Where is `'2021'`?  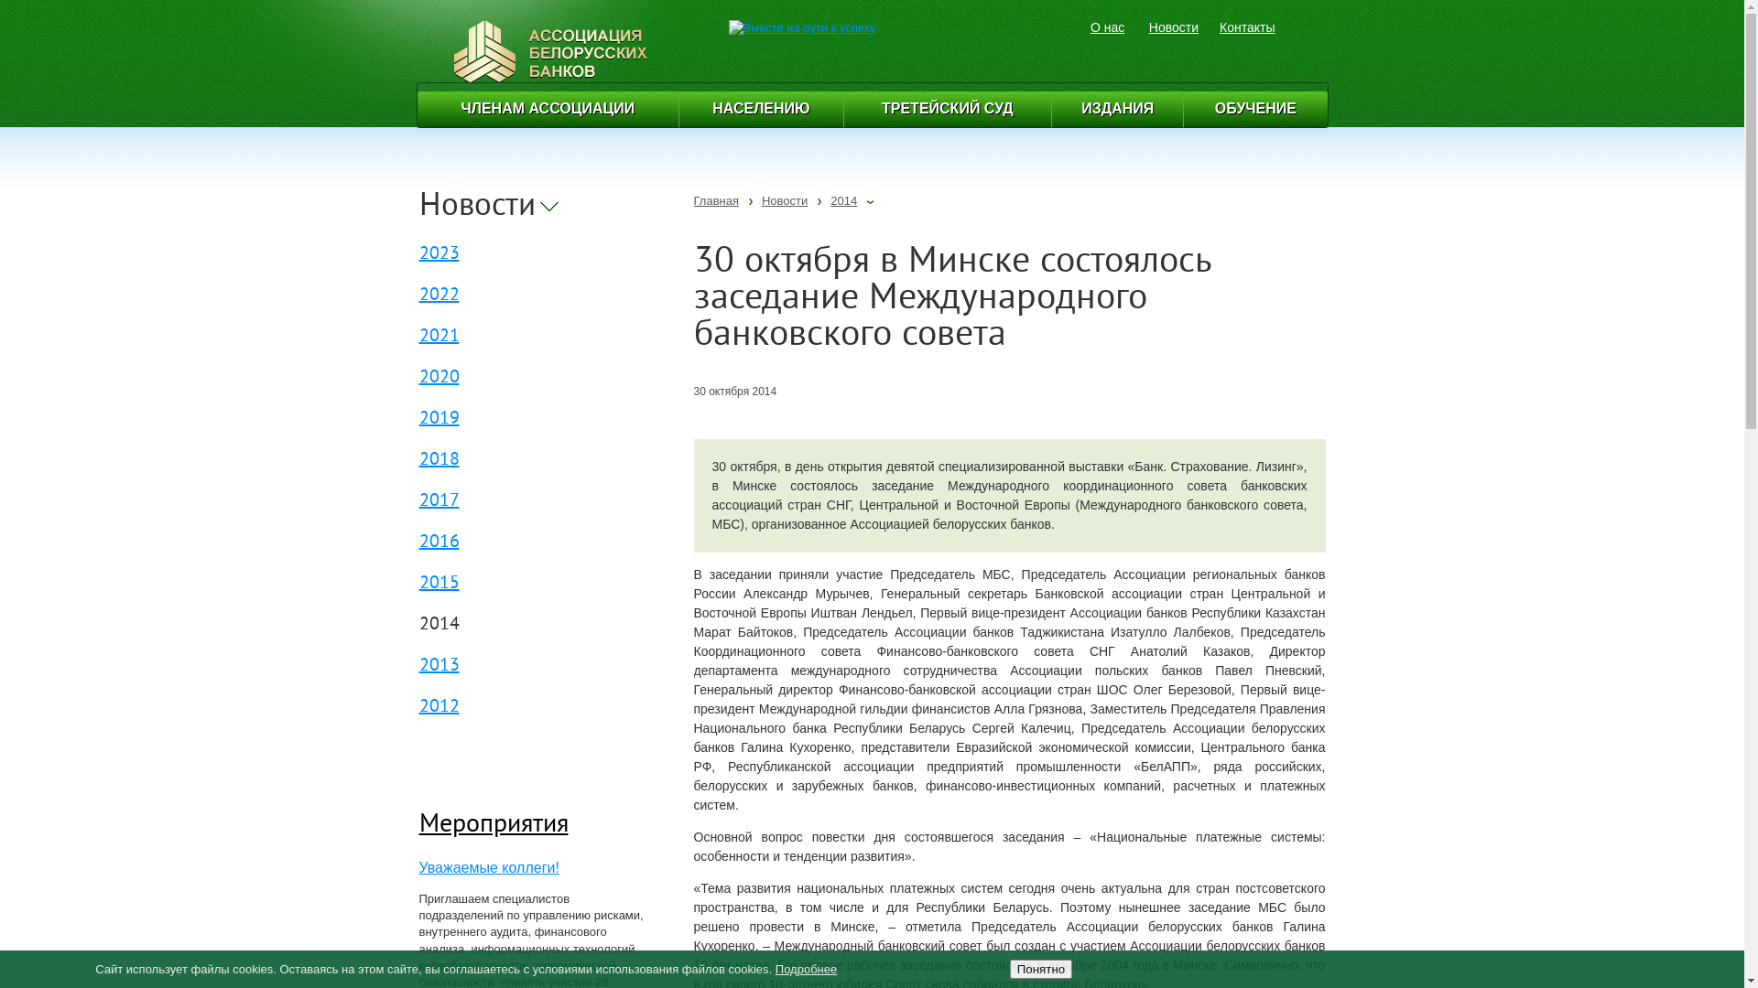
'2021' is located at coordinates (418, 337).